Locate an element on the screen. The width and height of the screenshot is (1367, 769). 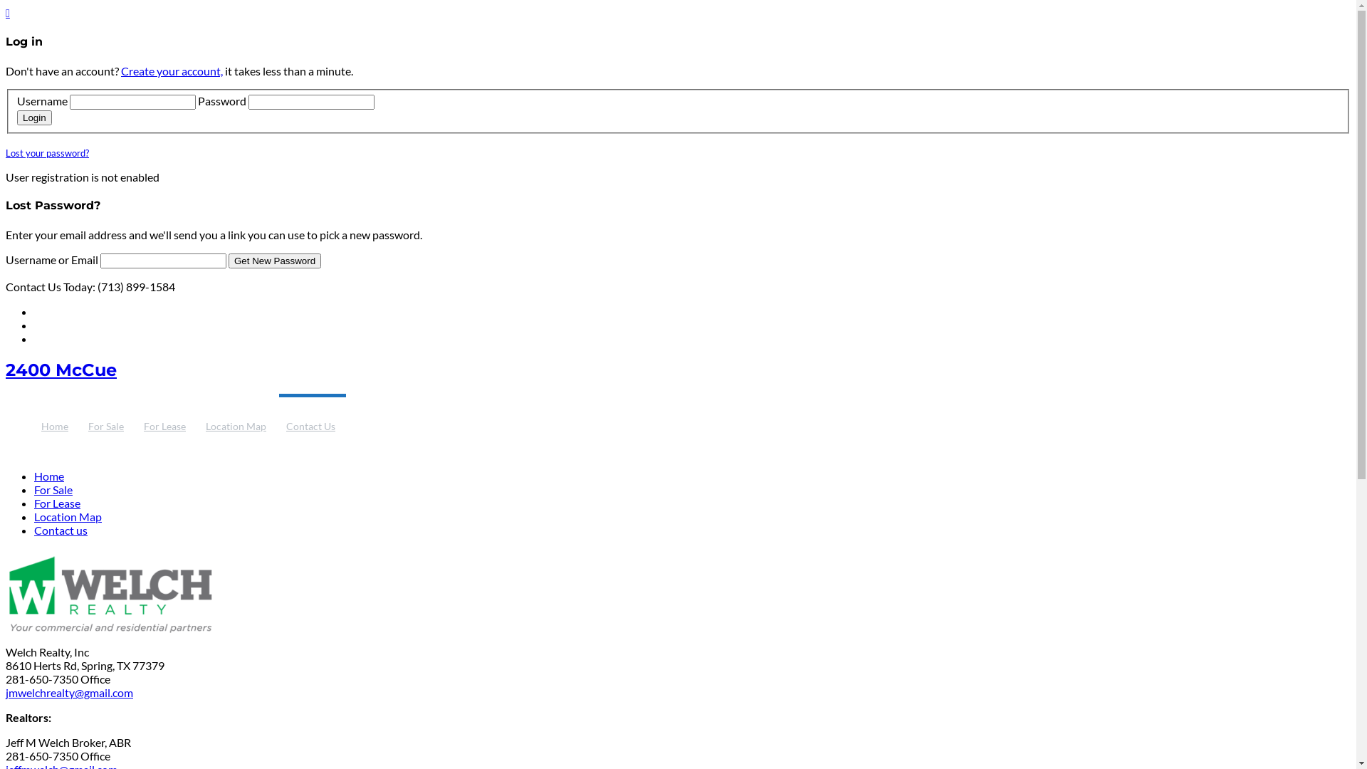
'2400 McCue' is located at coordinates (6, 369).